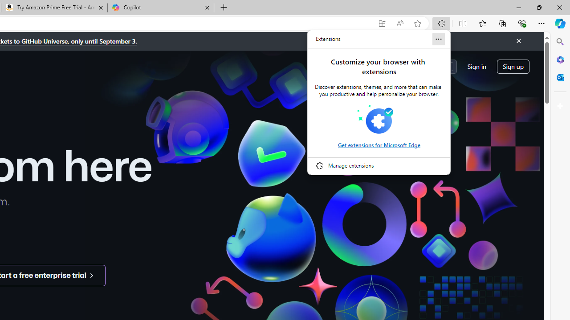 Image resolution: width=570 pixels, height=320 pixels. I want to click on 'Get extensions for Microsoft Edge', so click(379, 144).